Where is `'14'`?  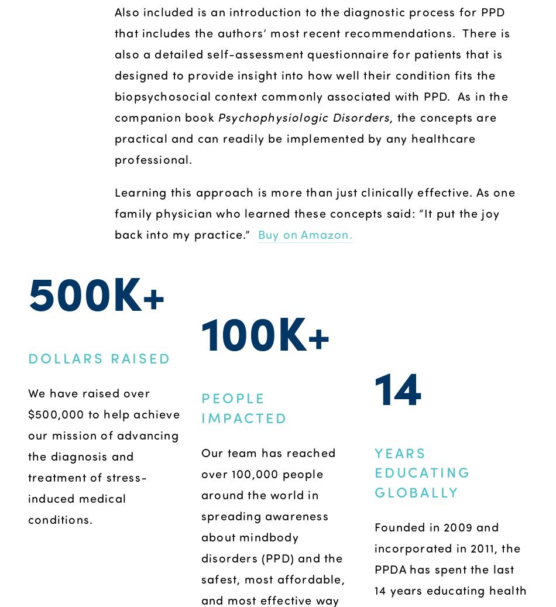 '14' is located at coordinates (373, 385).